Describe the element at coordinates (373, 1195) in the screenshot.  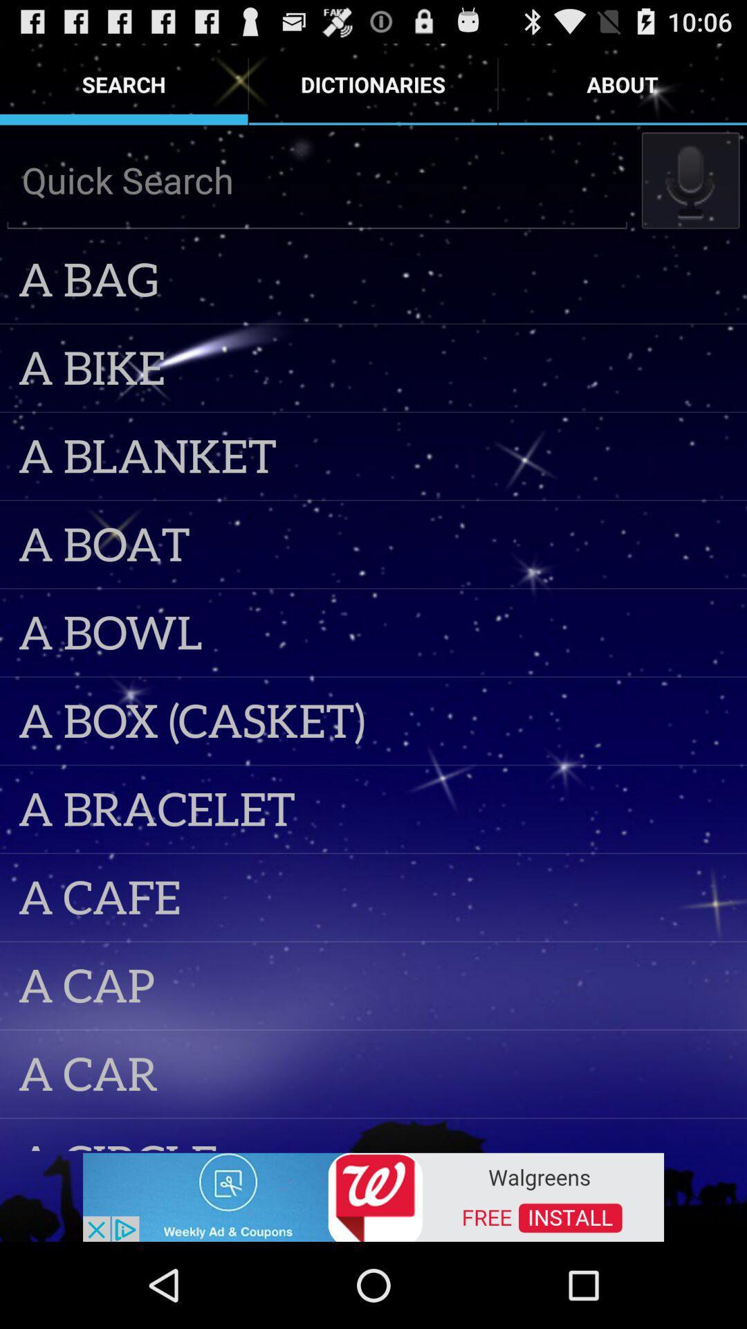
I see `open advertisement` at that location.